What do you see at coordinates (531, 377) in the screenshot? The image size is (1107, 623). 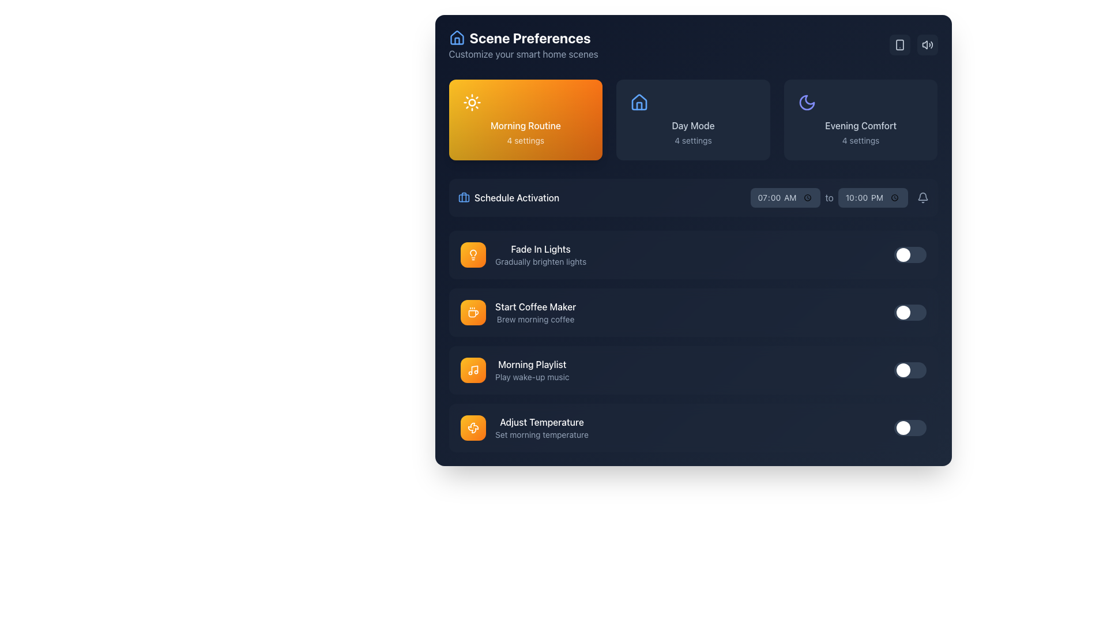 I see `the text label that reads 'Play wake-up music' located directly below the heading 'Morning Playlist' in the vertical list of cards` at bounding box center [531, 377].